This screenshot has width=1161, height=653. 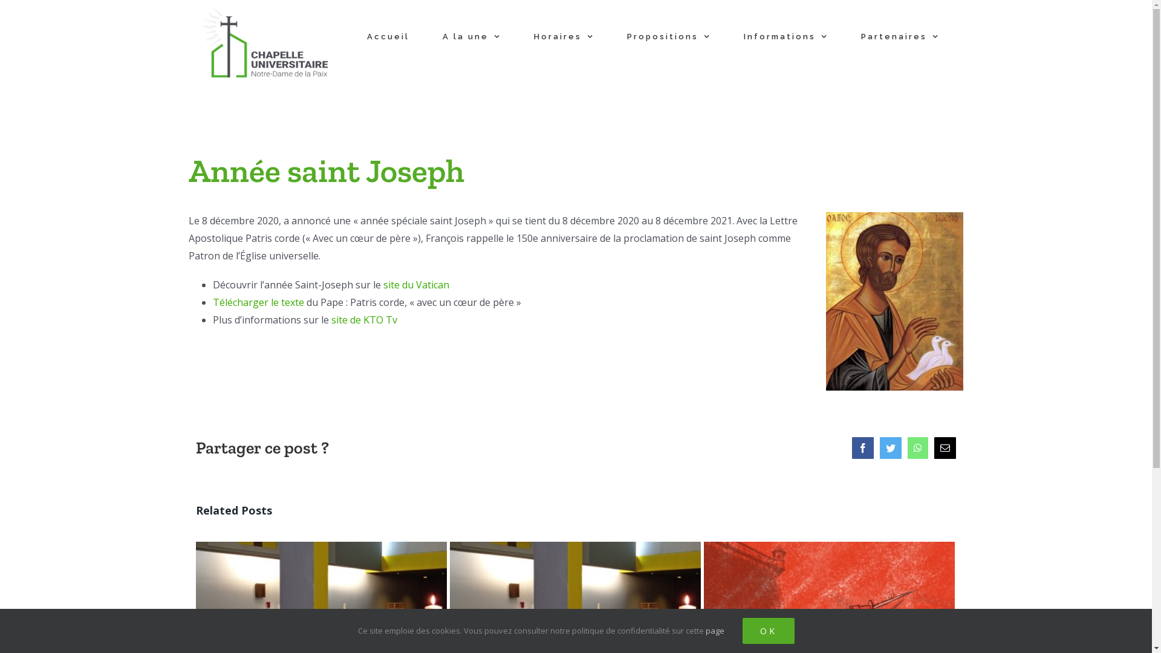 I want to click on 'Facebook', so click(x=862, y=447).